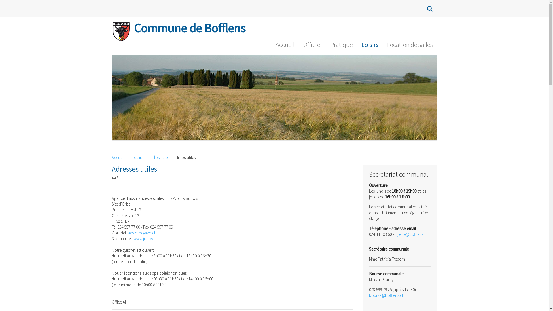  What do you see at coordinates (285, 45) in the screenshot?
I see `'Accueil'` at bounding box center [285, 45].